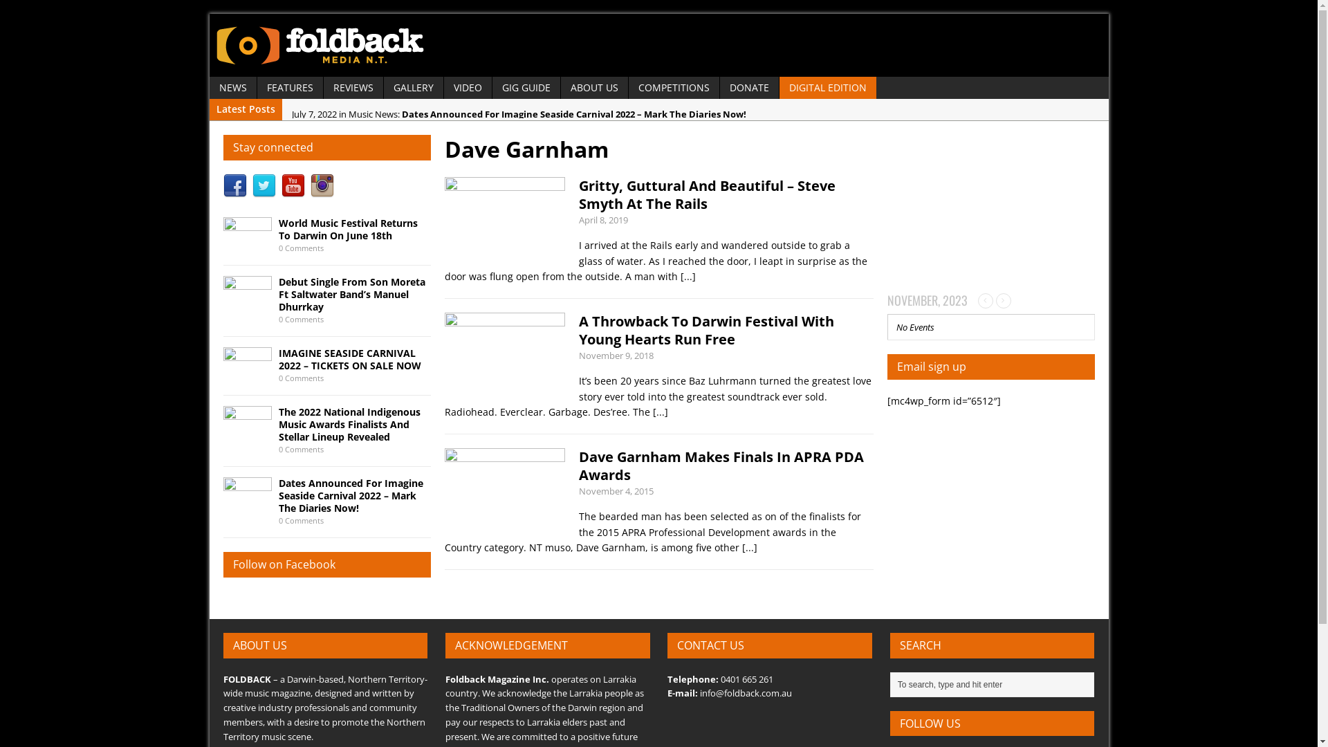  Describe the element at coordinates (526, 88) in the screenshot. I see `'GIG GUIDE'` at that location.